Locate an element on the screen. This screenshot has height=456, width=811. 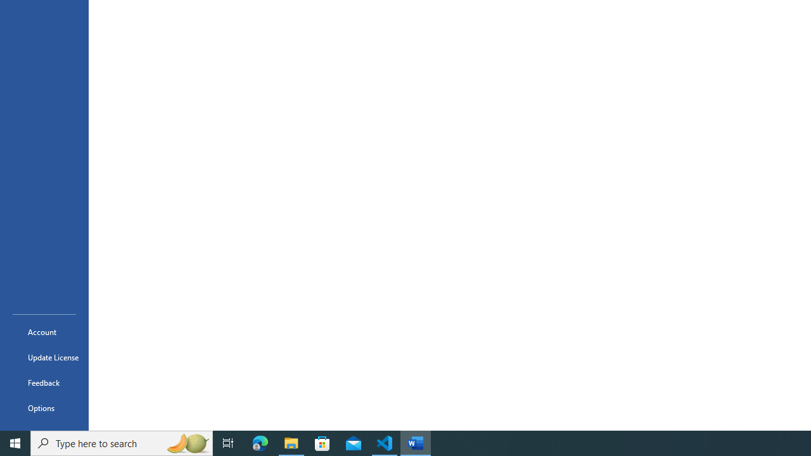
'Feedback' is located at coordinates (44, 382).